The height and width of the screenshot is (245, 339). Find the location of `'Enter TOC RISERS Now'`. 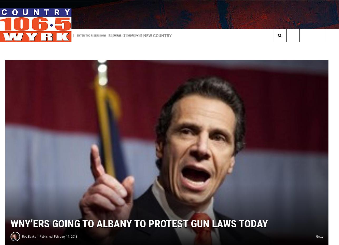

'Enter TOC RISERS Now' is located at coordinates (93, 35).